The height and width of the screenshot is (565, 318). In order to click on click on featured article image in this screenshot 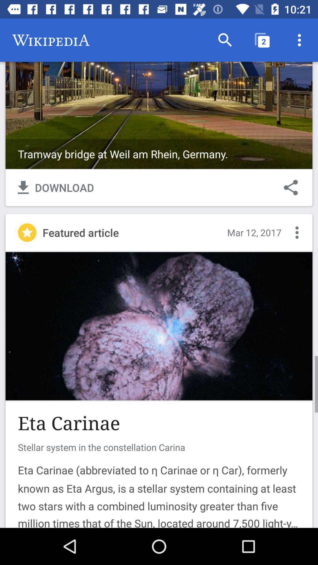, I will do `click(159, 326)`.